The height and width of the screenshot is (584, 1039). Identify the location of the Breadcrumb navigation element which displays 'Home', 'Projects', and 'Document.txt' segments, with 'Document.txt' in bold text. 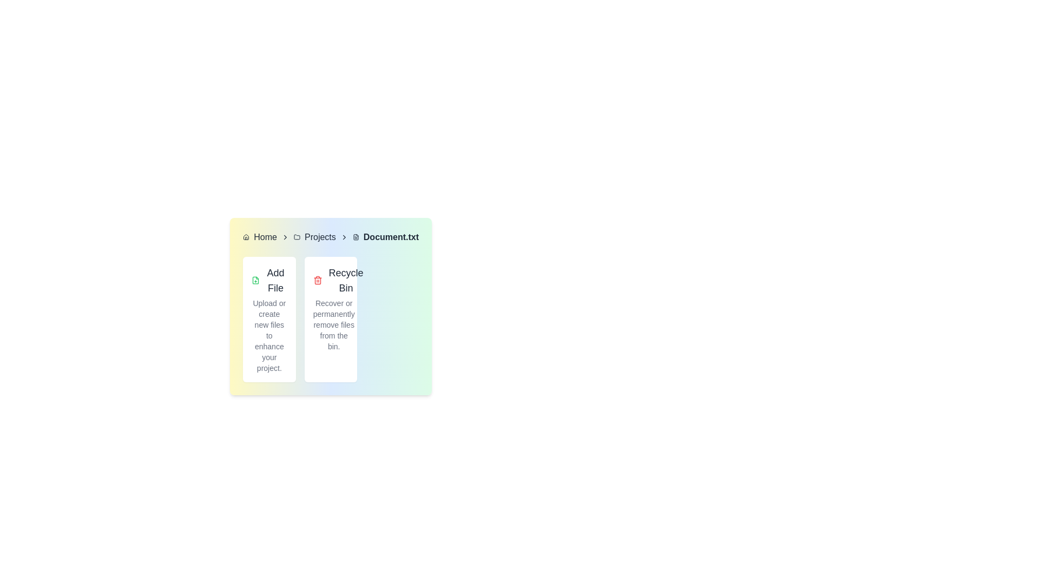
(330, 237).